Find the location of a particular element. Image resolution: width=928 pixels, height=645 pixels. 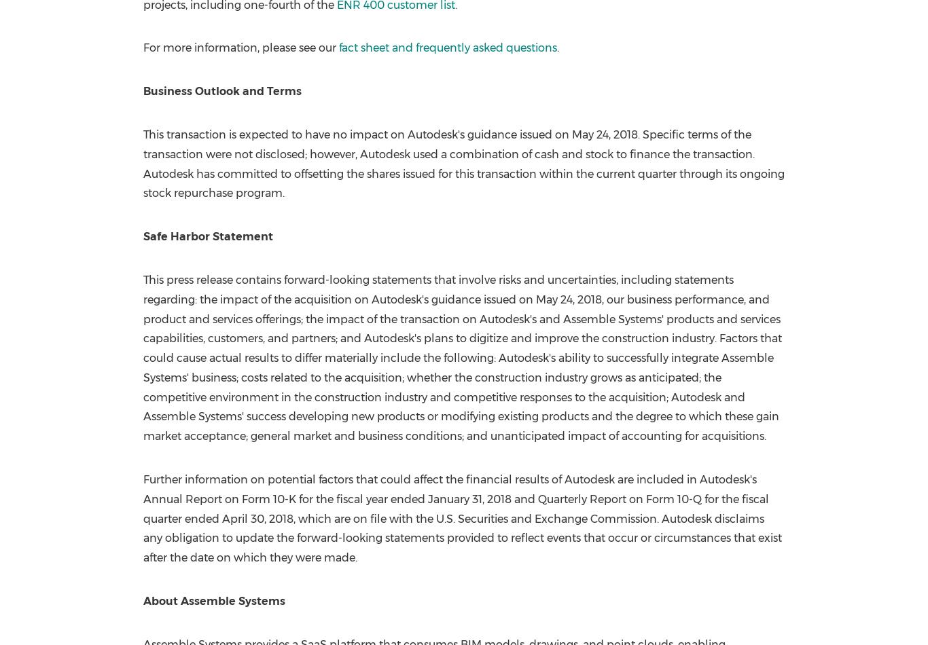

'January 31, 2018' is located at coordinates (469, 498).